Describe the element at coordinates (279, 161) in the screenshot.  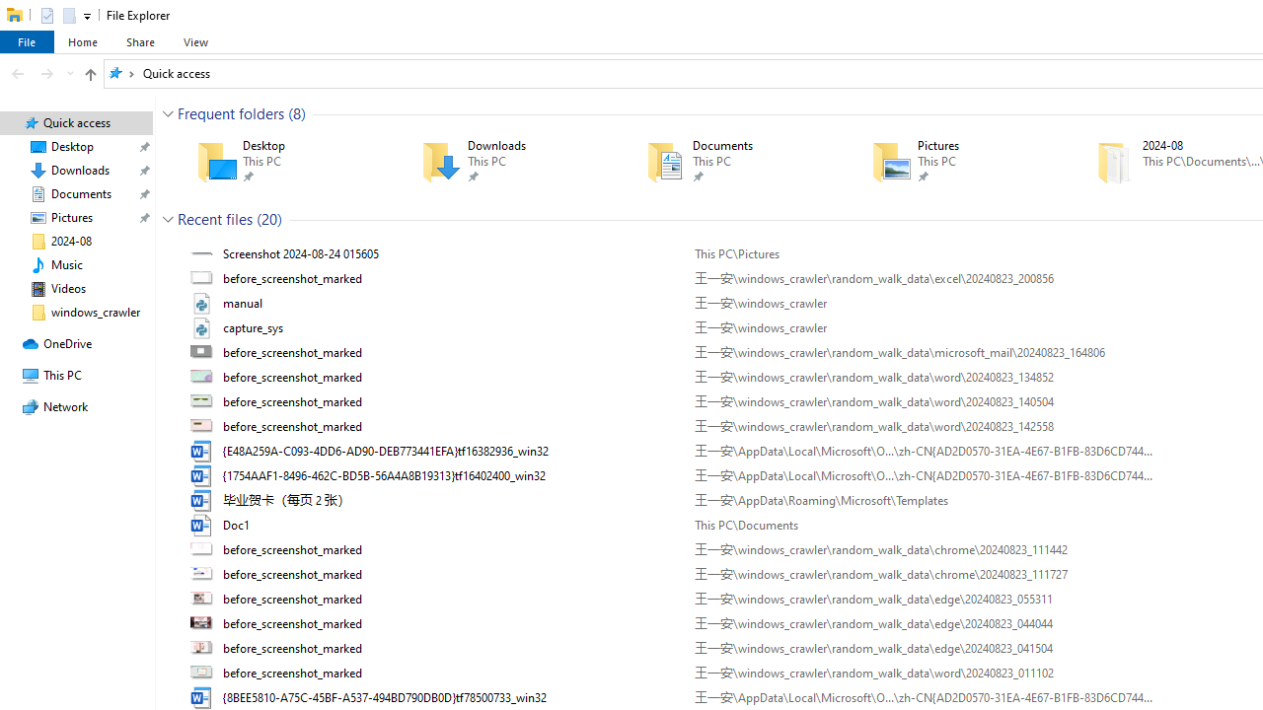
I see `'Desktop'` at that location.